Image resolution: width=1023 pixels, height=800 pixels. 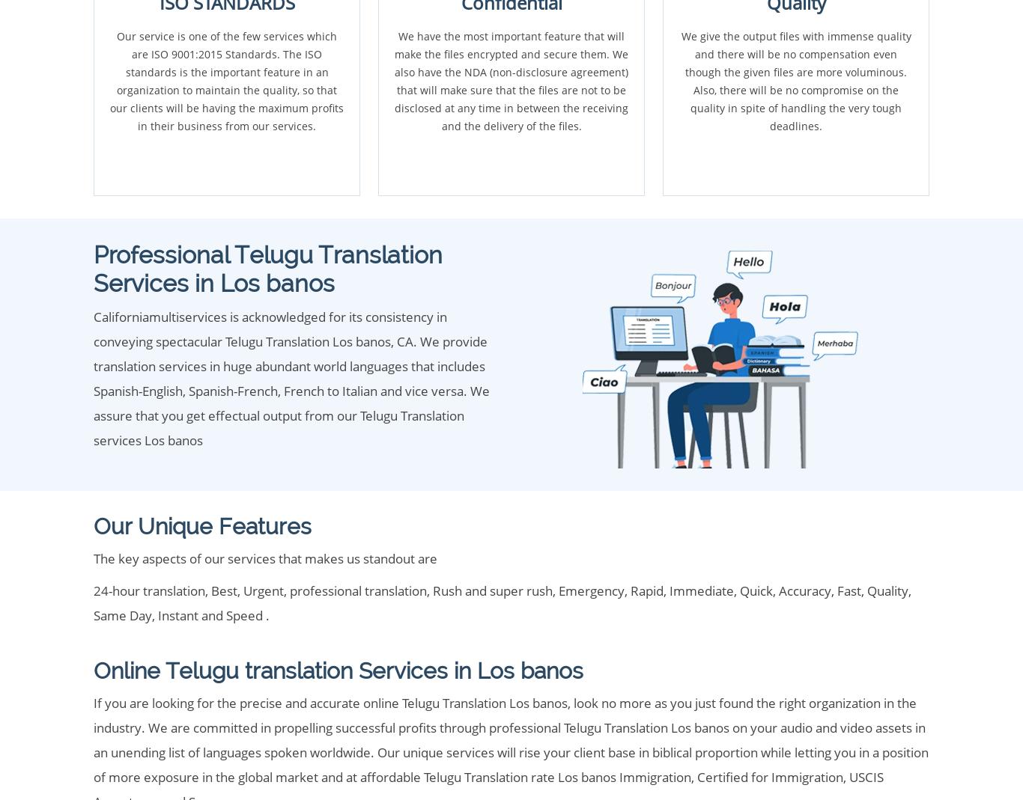 I want to click on 'File Formats For Translation', so click(x=92, y=496).